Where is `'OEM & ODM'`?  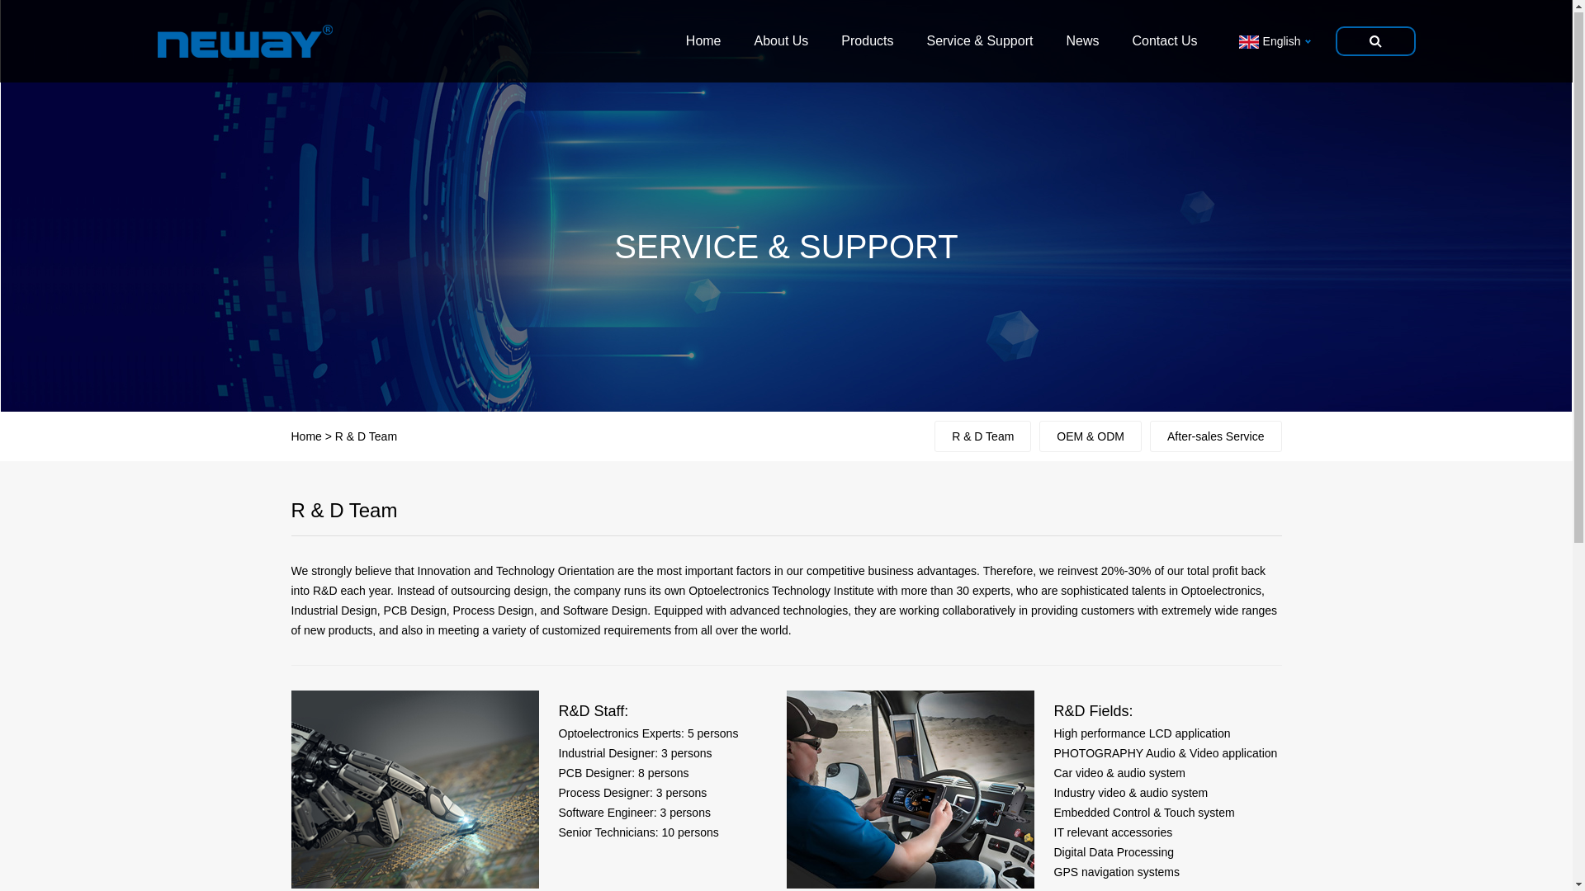
'OEM & ODM' is located at coordinates (1090, 436).